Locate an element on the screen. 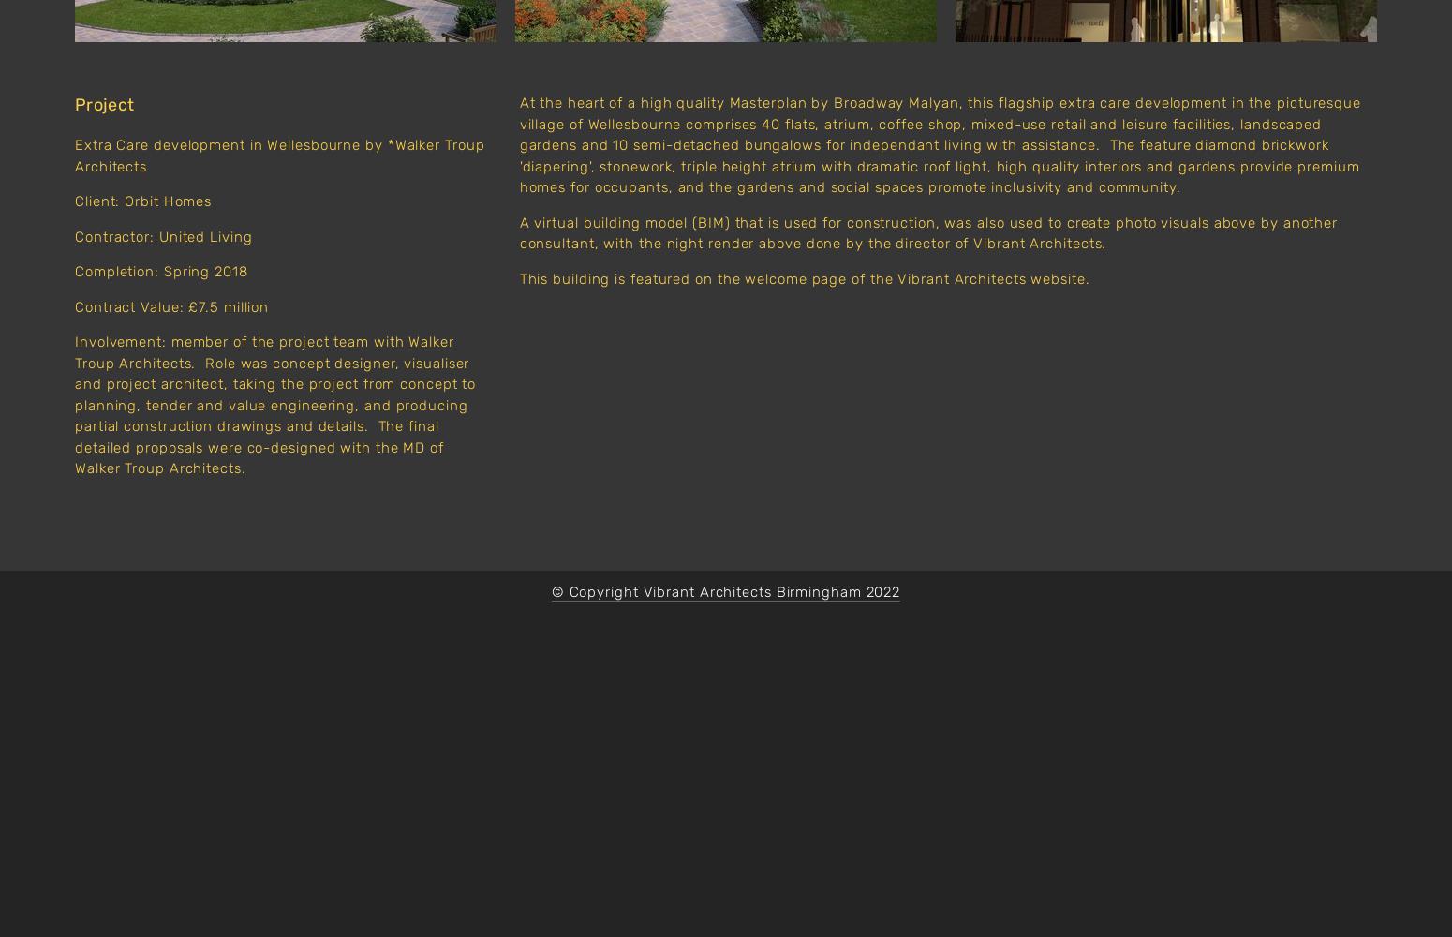  '© Copyright Vibrant Architects Birmingham 2022' is located at coordinates (725, 591).